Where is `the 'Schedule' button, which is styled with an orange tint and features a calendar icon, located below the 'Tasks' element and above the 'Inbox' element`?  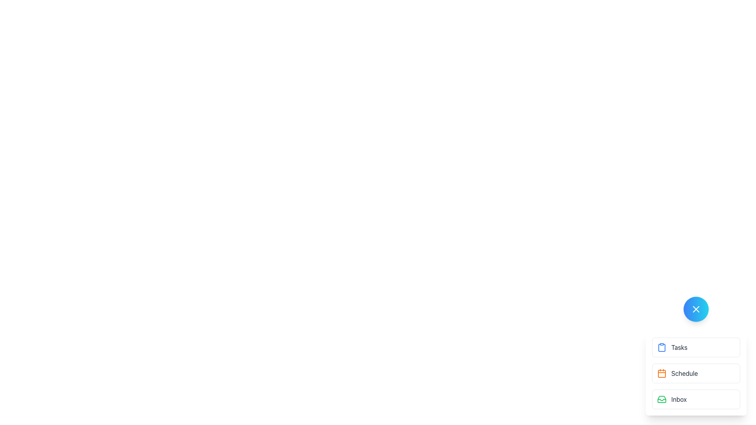 the 'Schedule' button, which is styled with an orange tint and features a calendar icon, located below the 'Tasks' element and above the 'Inbox' element is located at coordinates (696, 373).